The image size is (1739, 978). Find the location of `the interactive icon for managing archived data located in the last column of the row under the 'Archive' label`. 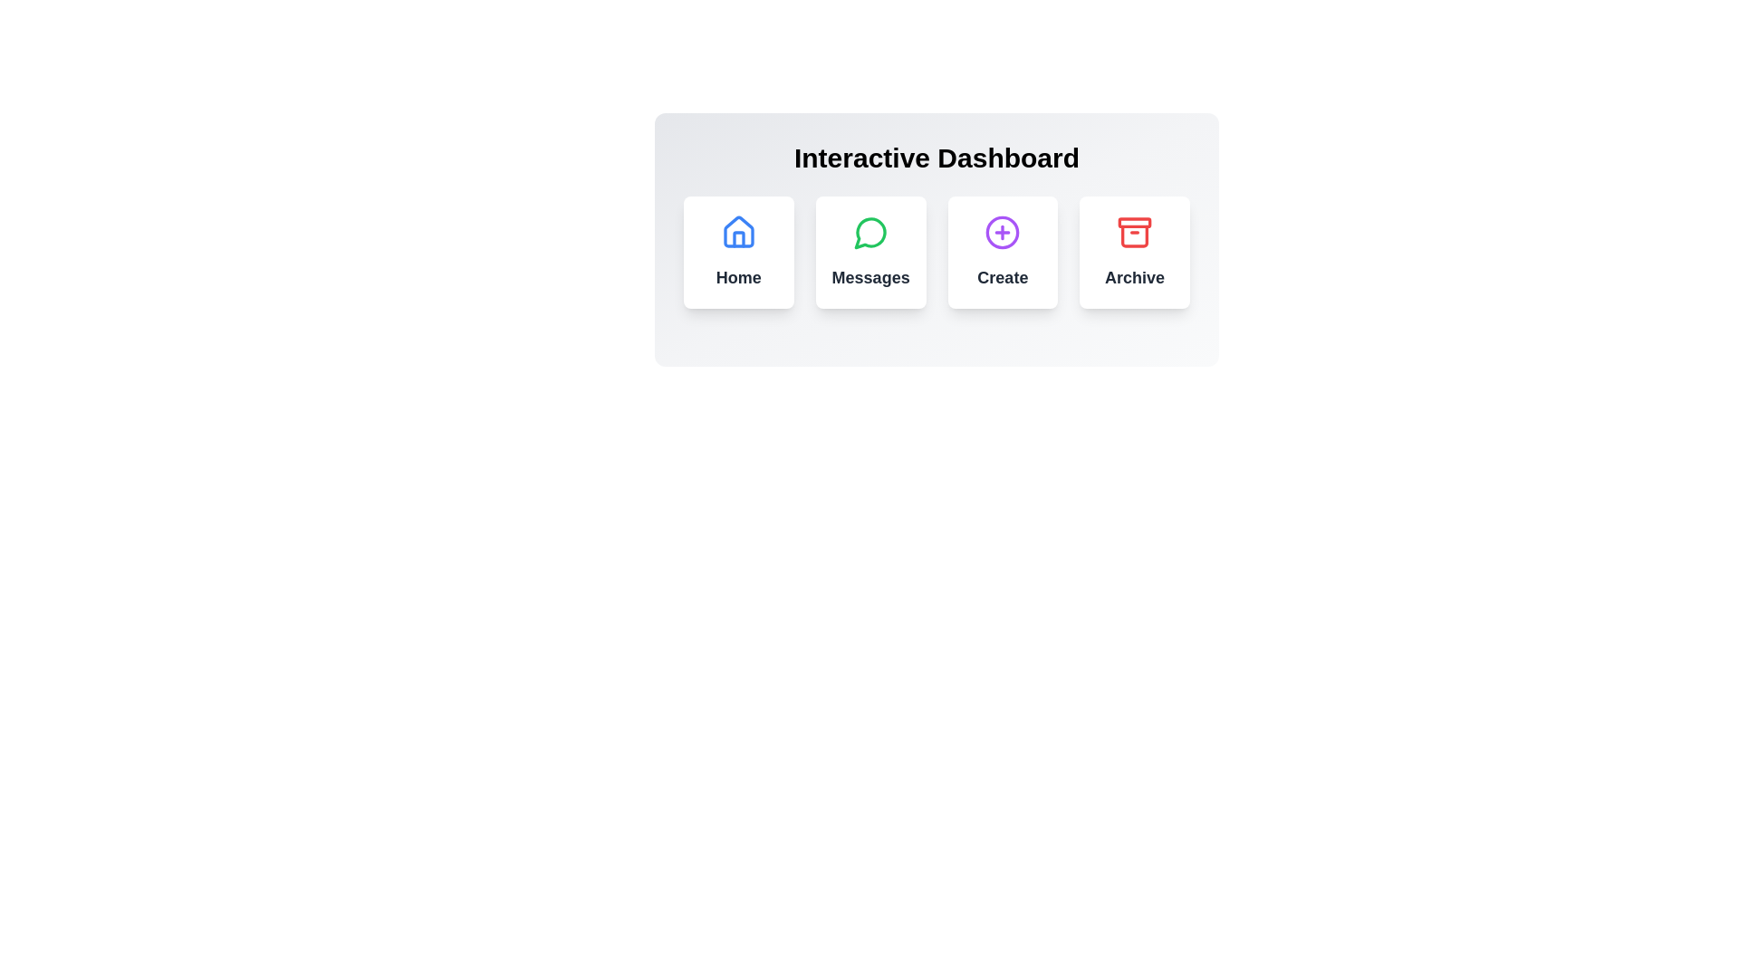

the interactive icon for managing archived data located in the last column of the row under the 'Archive' label is located at coordinates (1134, 235).